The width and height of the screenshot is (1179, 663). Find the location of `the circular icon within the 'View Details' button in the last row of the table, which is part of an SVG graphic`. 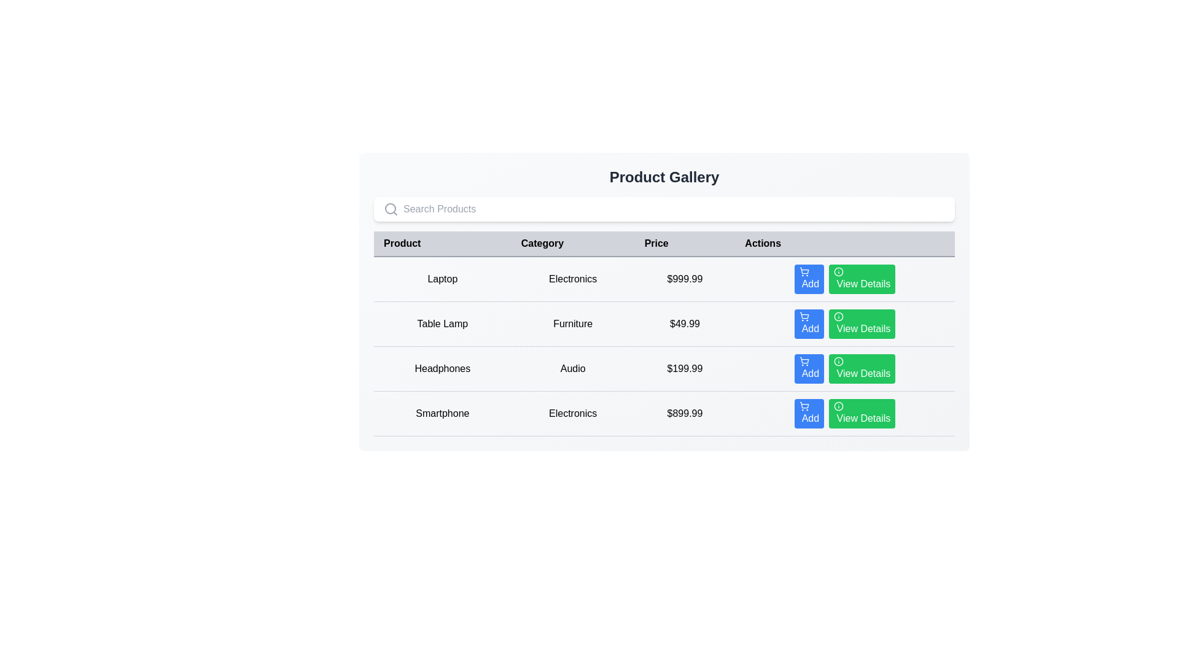

the circular icon within the 'View Details' button in the last row of the table, which is part of an SVG graphic is located at coordinates (838, 406).